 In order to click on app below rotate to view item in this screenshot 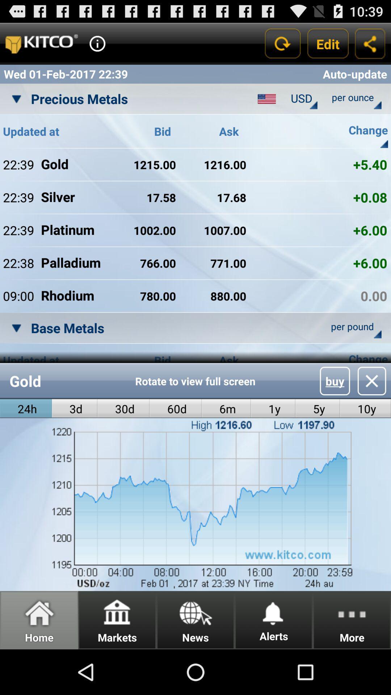, I will do `click(176, 409)`.